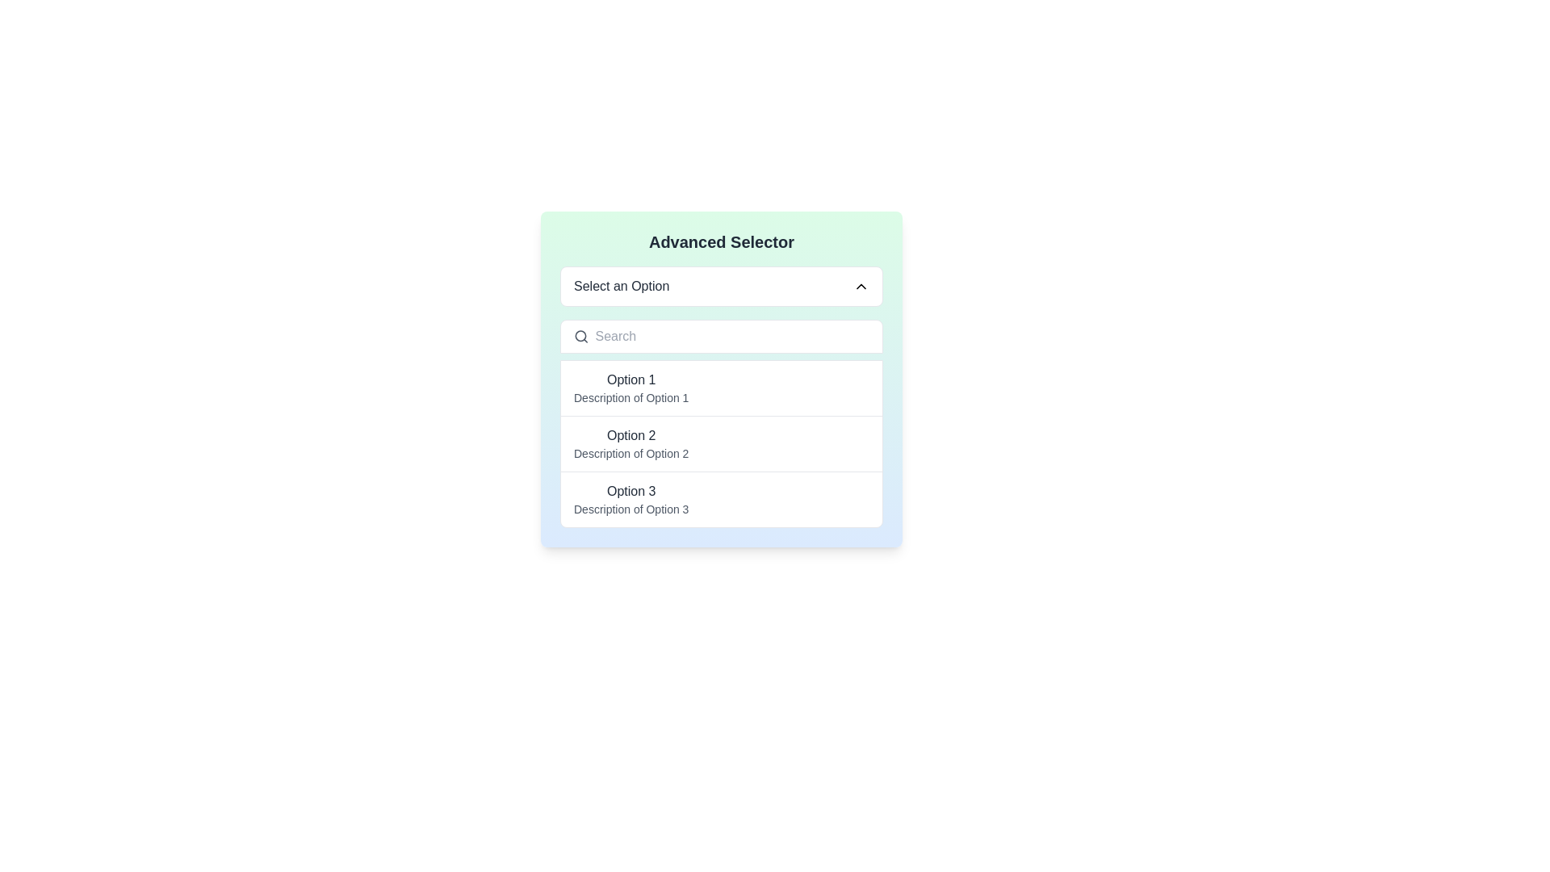 This screenshot has height=872, width=1550. I want to click on the list item labeled 'Option 3', so click(630, 498).